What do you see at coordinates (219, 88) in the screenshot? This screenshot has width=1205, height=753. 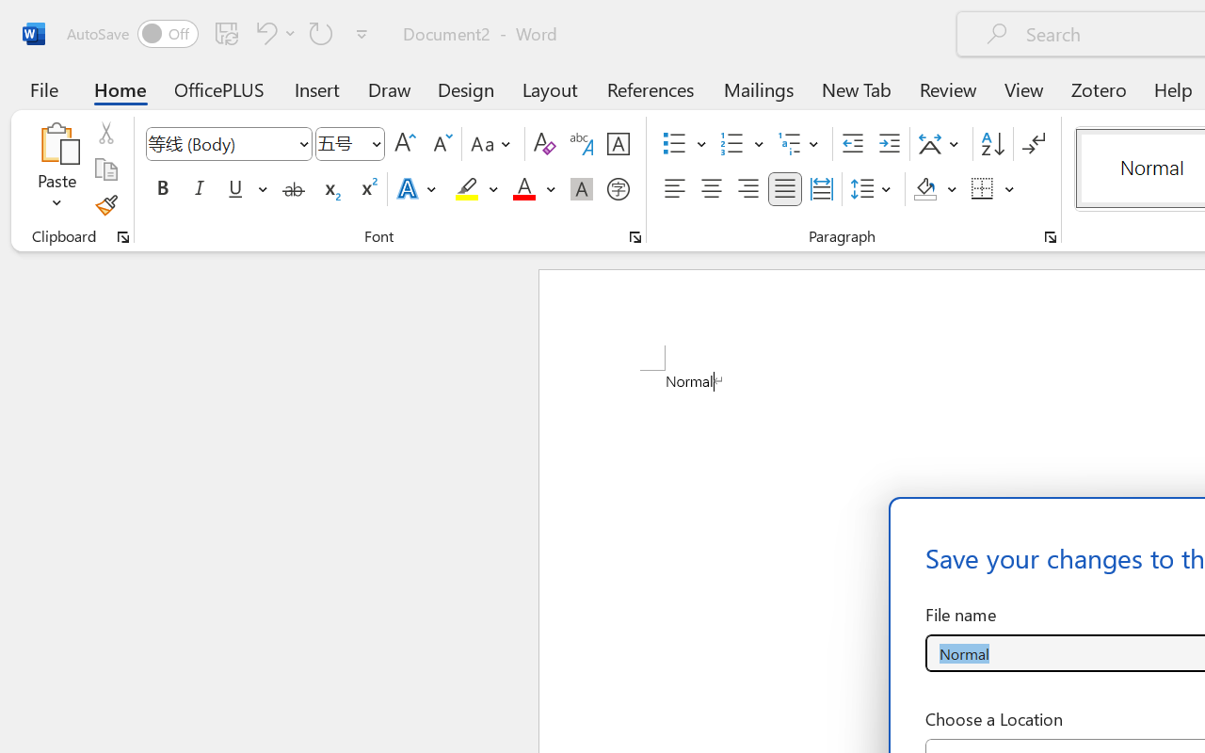 I see `'OfficePLUS'` at bounding box center [219, 88].